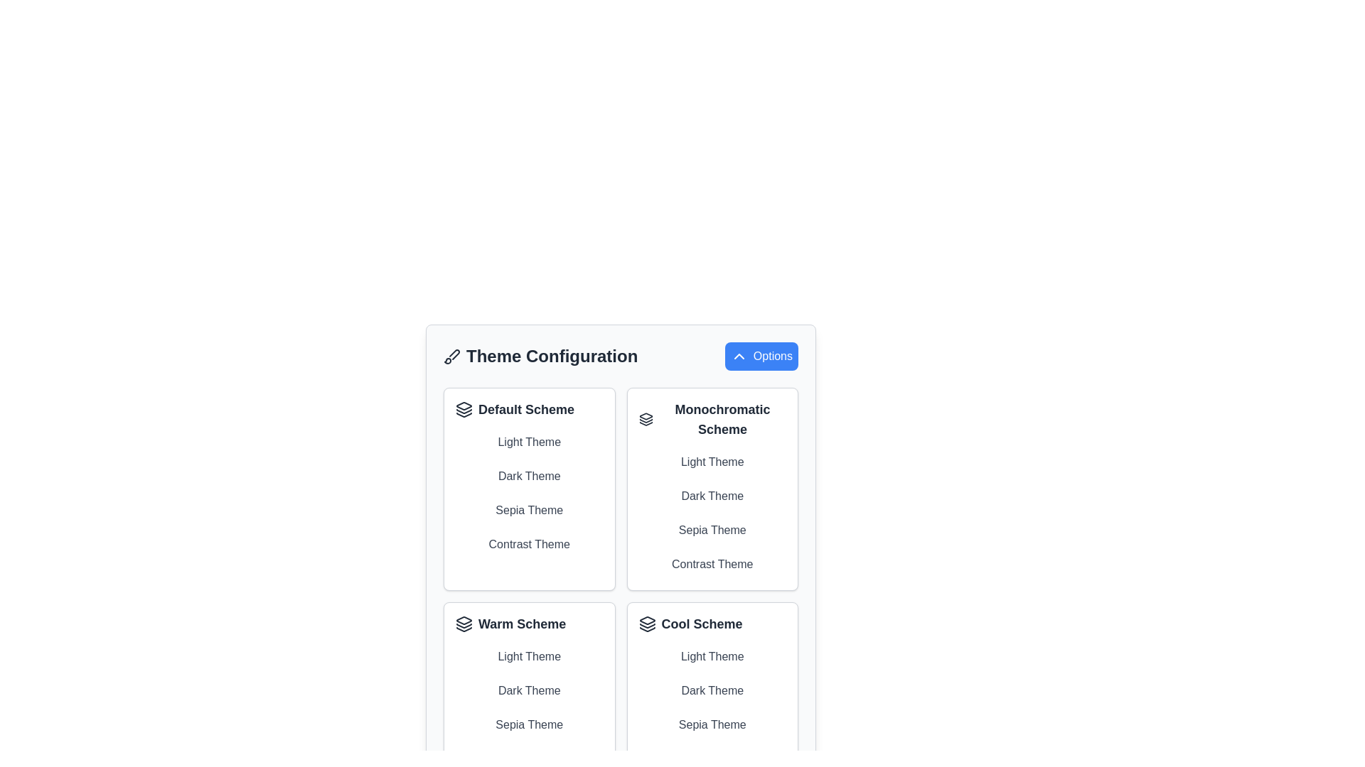  Describe the element at coordinates (739, 355) in the screenshot. I see `the upward-pointing chevron icon with a blue background located inside the 'Options' button` at that location.